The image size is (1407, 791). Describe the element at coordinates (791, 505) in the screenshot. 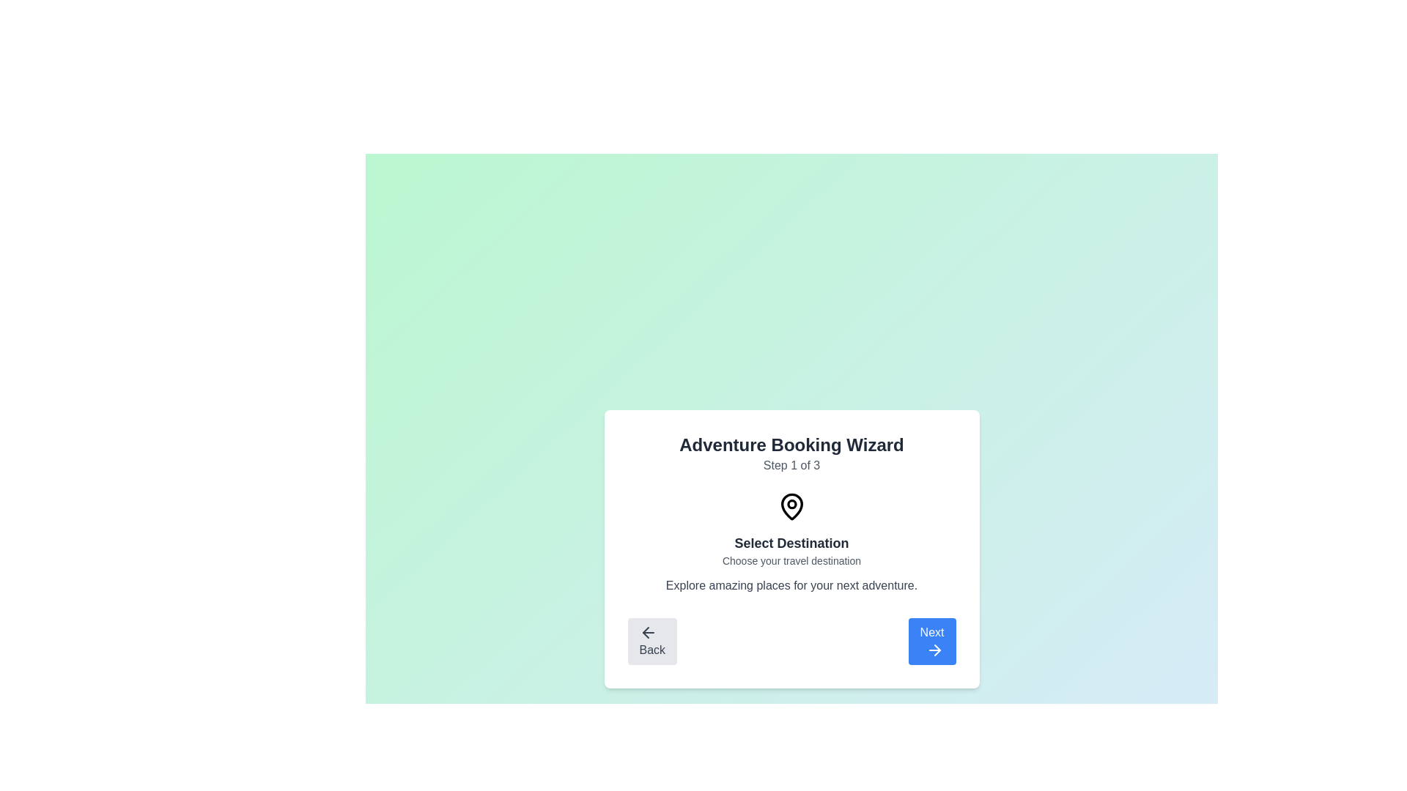

I see `the black map pin icon located at the top-center of the modal, which is directly above the text 'Select Destination'` at that location.